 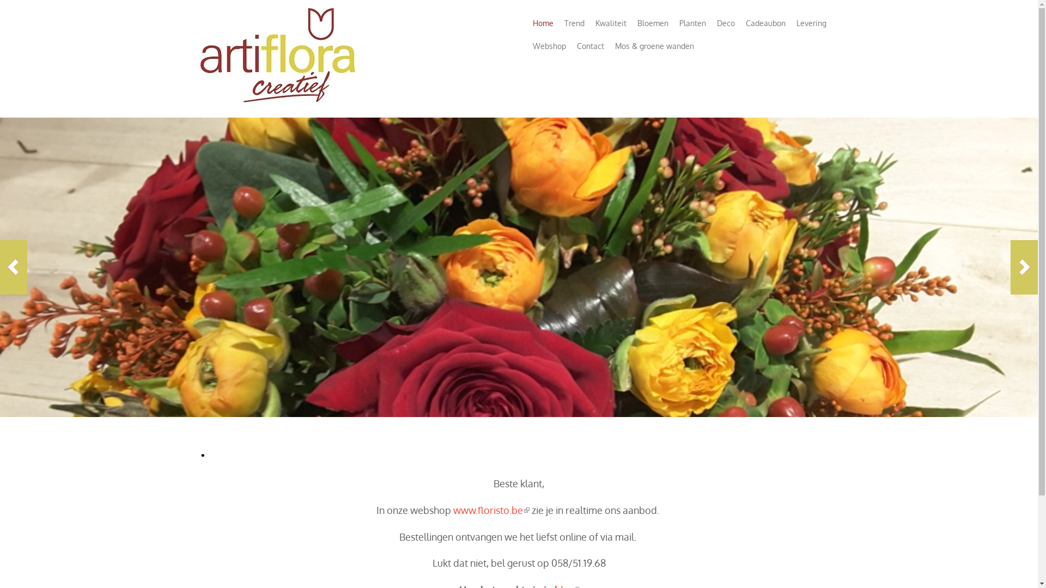 I want to click on 'Home', so click(x=543, y=23).